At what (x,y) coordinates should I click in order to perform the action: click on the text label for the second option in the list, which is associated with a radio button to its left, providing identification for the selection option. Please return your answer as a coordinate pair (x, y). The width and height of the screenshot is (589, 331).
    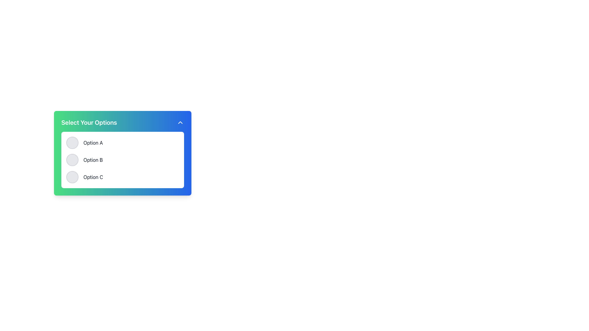
    Looking at the image, I should click on (93, 159).